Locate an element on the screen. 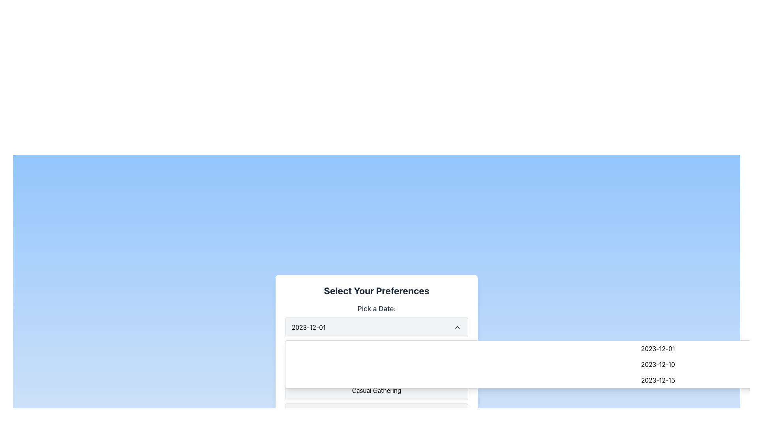 This screenshot has height=426, width=758. the Dropdown menu labeled 'Pick a Date:' to interact via keyboard is located at coordinates (376, 320).